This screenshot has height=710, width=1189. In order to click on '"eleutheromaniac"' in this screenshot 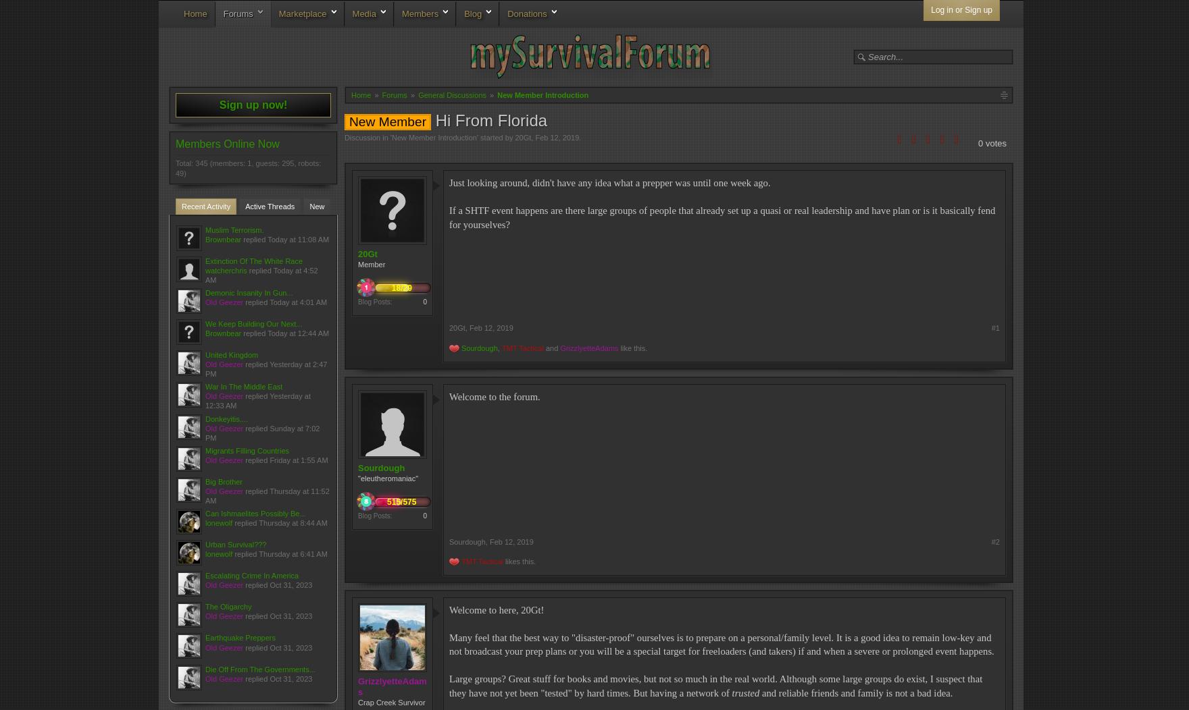, I will do `click(388, 477)`.